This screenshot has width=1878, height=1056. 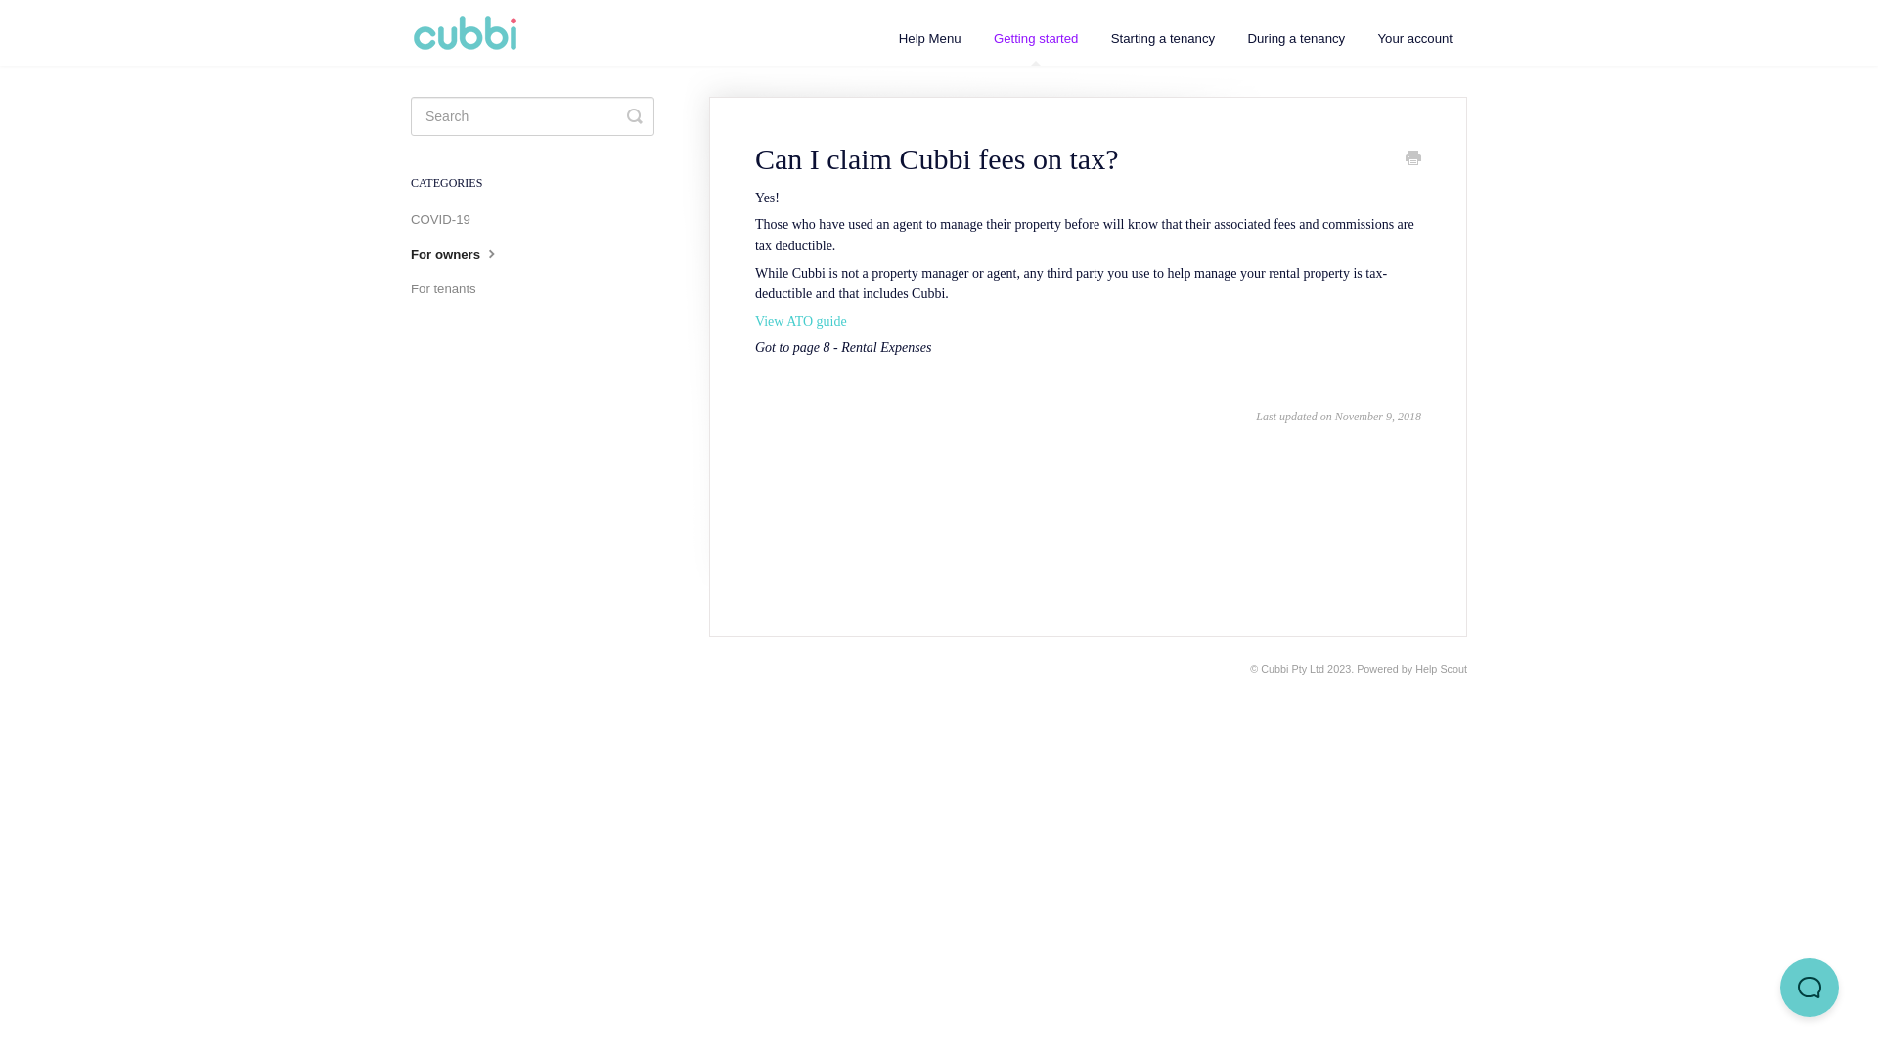 I want to click on 'Cubbi Pty Ltd', so click(x=1292, y=667).